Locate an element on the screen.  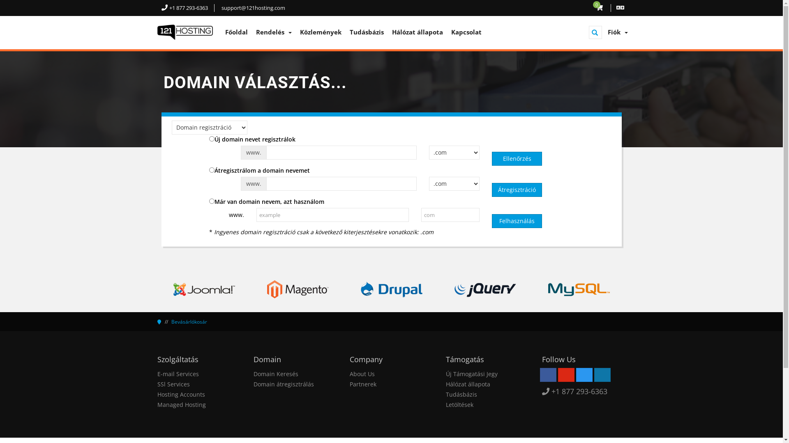
'Partnerek' is located at coordinates (362, 384).